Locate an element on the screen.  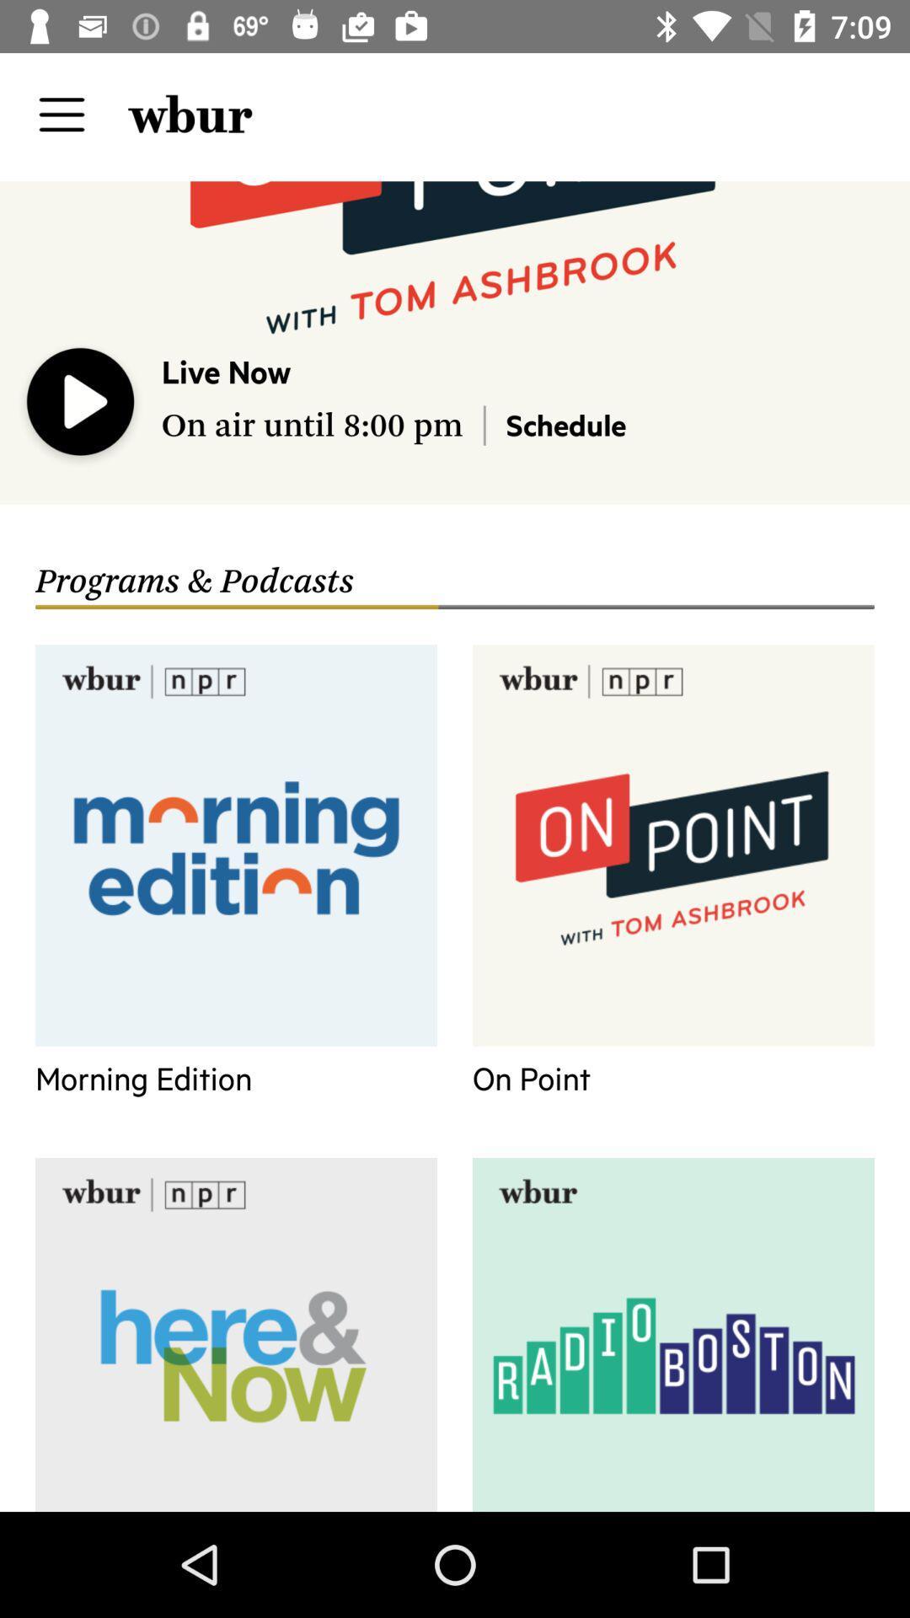
selected podcast is located at coordinates (81, 405).